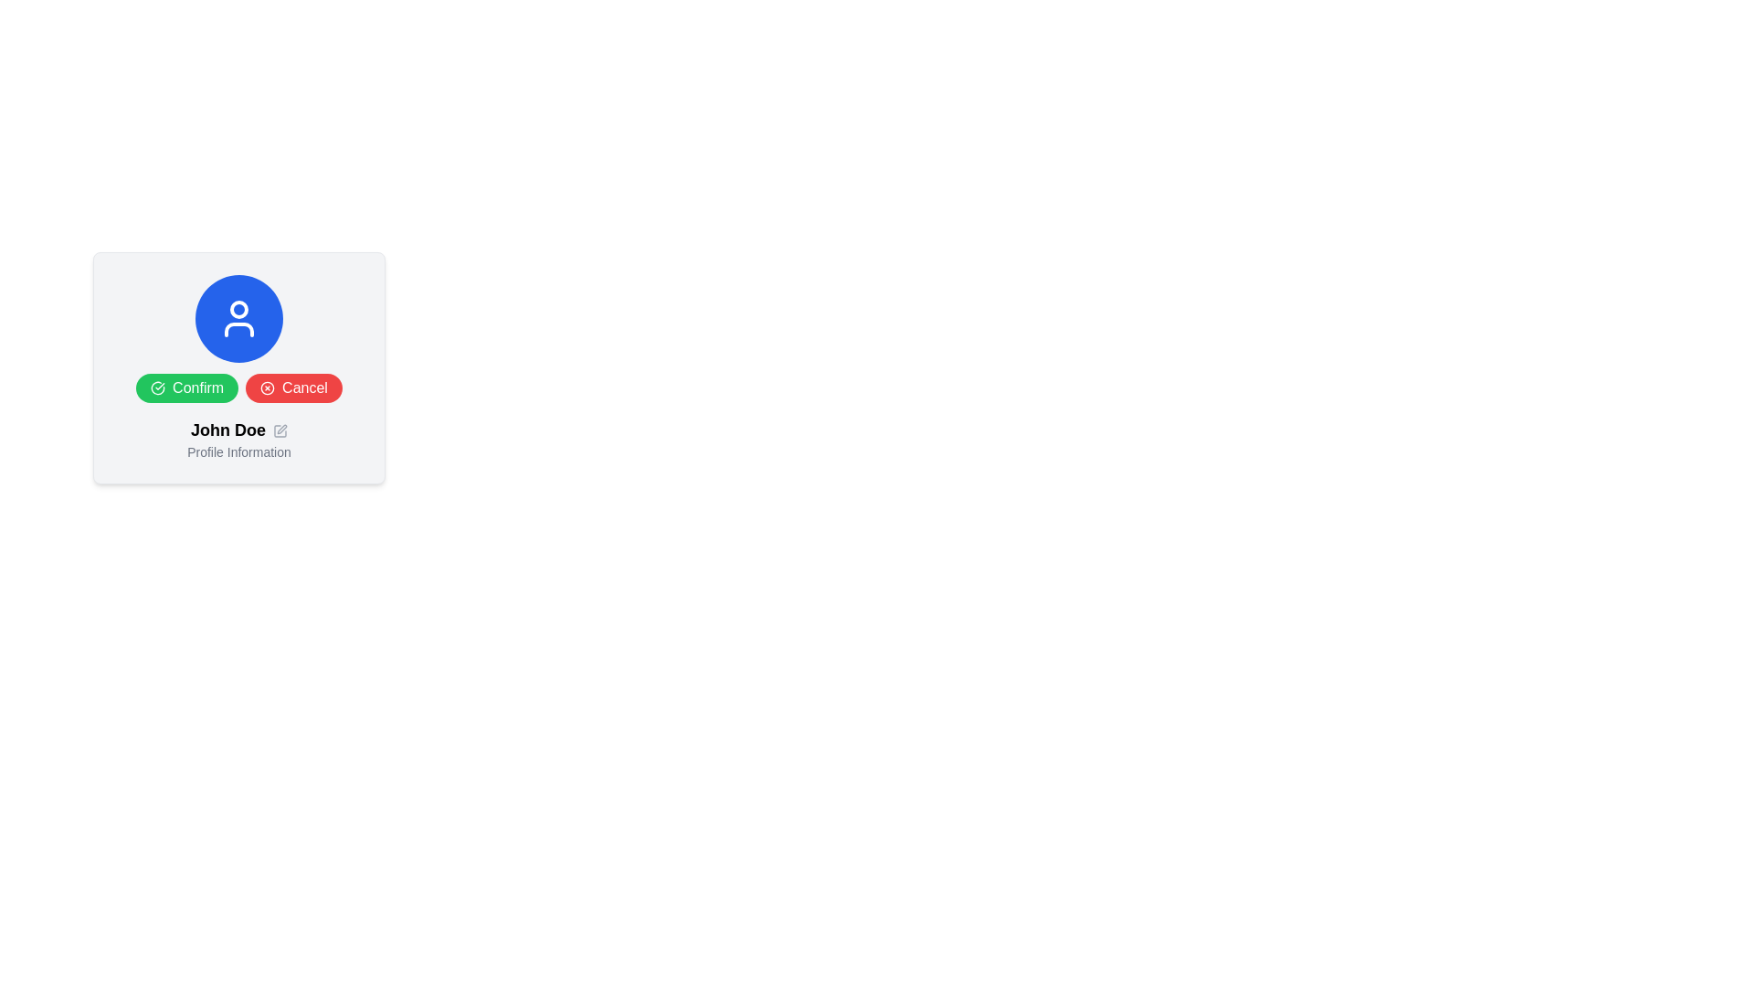 The width and height of the screenshot is (1754, 987). Describe the element at coordinates (238, 430) in the screenshot. I see `the text element displaying 'John Doe', which is bold and centered, located above 'Profile Information' and beneath the profile picture` at that location.